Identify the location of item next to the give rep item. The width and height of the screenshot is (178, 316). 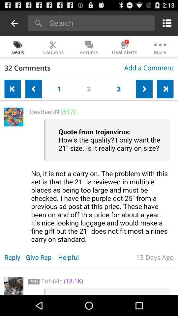
(15, 257).